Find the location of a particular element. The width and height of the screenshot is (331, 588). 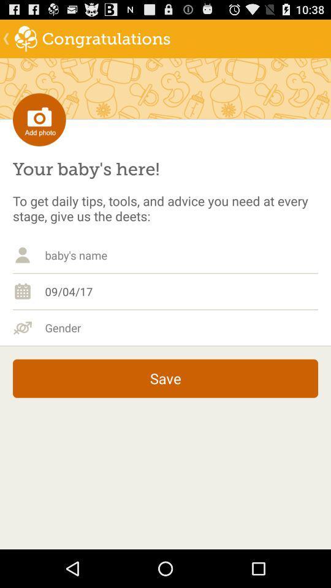

write the baby 's name is located at coordinates (181, 254).